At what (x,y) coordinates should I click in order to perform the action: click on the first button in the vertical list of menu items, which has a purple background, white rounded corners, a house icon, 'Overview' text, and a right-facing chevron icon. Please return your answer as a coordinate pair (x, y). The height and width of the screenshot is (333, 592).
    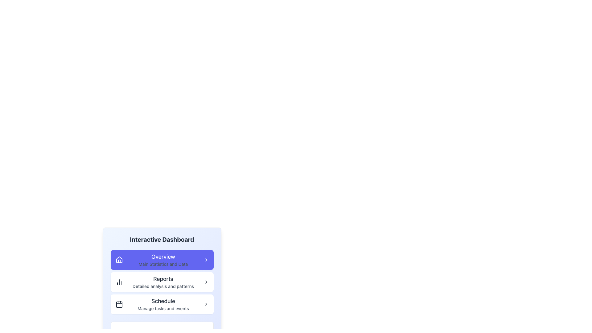
    Looking at the image, I should click on (162, 260).